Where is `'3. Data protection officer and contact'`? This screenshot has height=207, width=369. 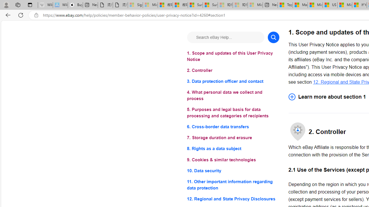 '3. Data protection officer and contact' is located at coordinates (233, 81).